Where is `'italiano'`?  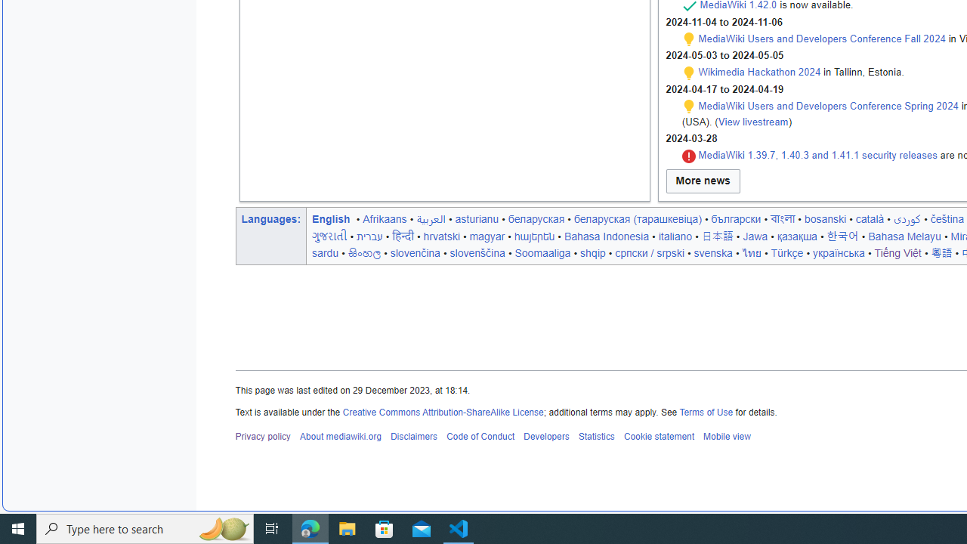 'italiano' is located at coordinates (674, 236).